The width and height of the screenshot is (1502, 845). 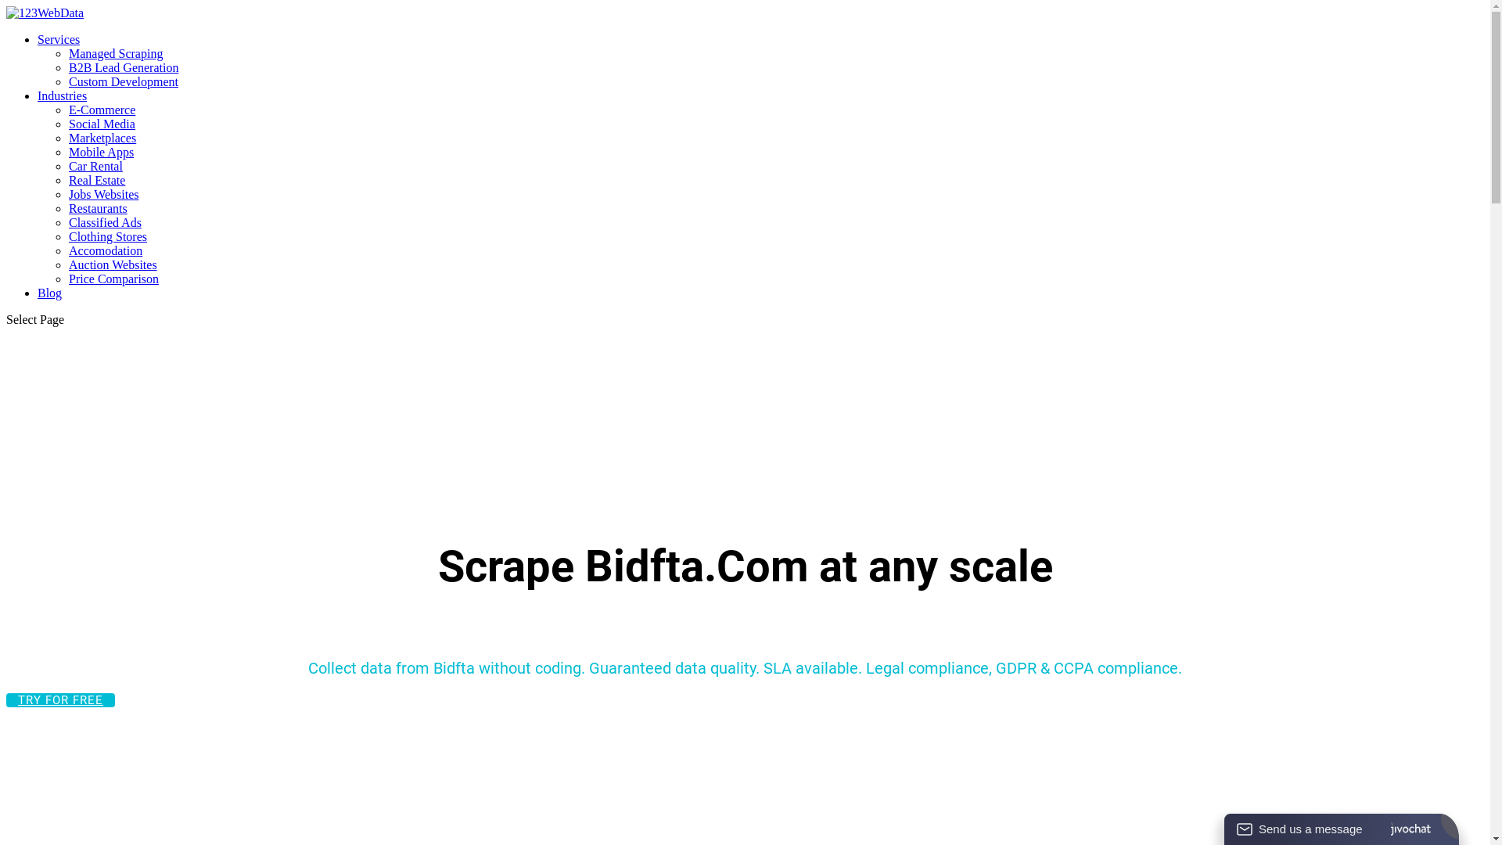 What do you see at coordinates (67, 152) in the screenshot?
I see `'Mobile Apps'` at bounding box center [67, 152].